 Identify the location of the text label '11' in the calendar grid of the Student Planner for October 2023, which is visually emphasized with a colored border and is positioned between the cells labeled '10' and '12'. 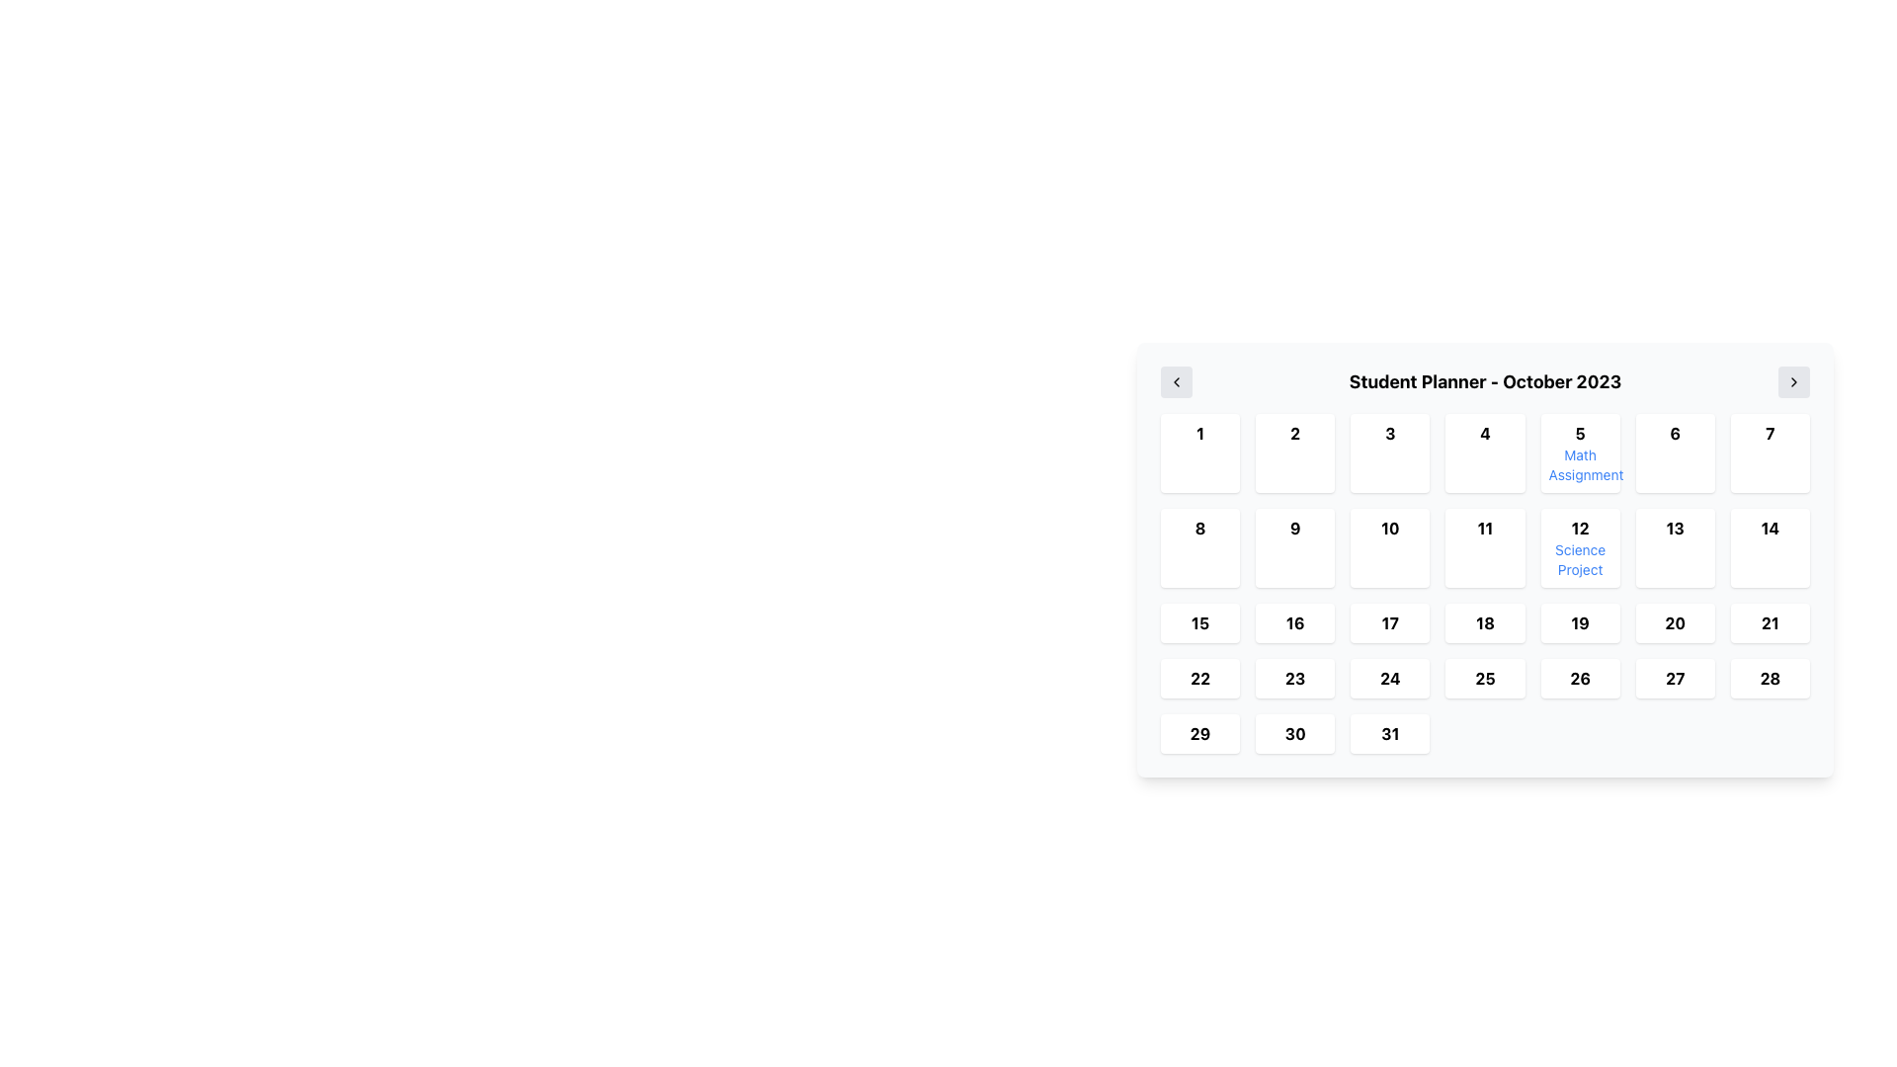
(1485, 528).